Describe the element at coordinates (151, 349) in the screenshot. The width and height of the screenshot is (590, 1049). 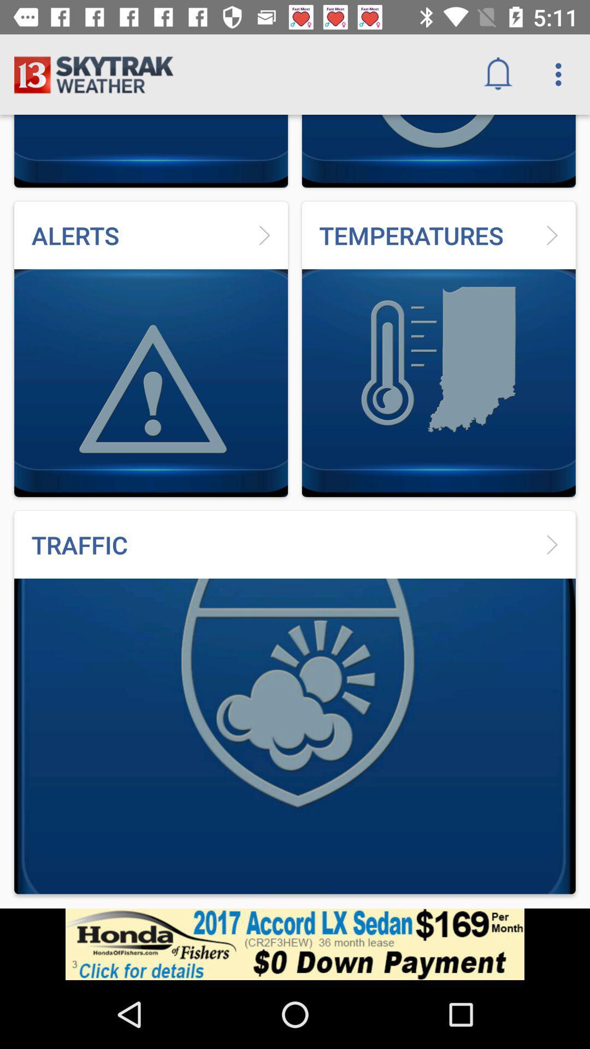
I see `the alerts button on the web page` at that location.